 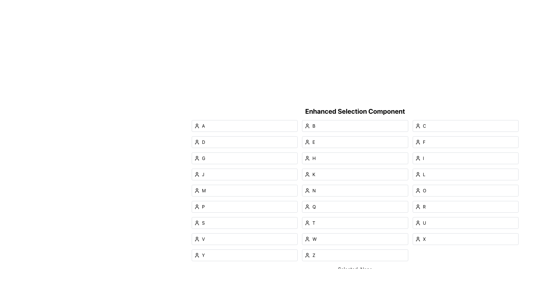 What do you see at coordinates (418, 190) in the screenshot?
I see `the SVG icon representing the user or profile element associated with the letter 'O'` at bounding box center [418, 190].